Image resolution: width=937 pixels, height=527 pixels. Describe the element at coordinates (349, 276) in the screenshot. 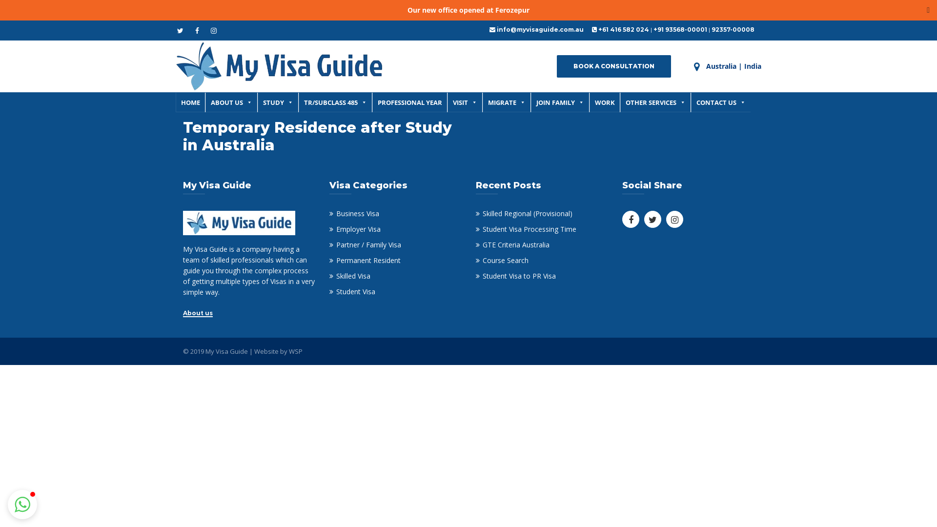

I see `'Skilled Visa'` at that location.